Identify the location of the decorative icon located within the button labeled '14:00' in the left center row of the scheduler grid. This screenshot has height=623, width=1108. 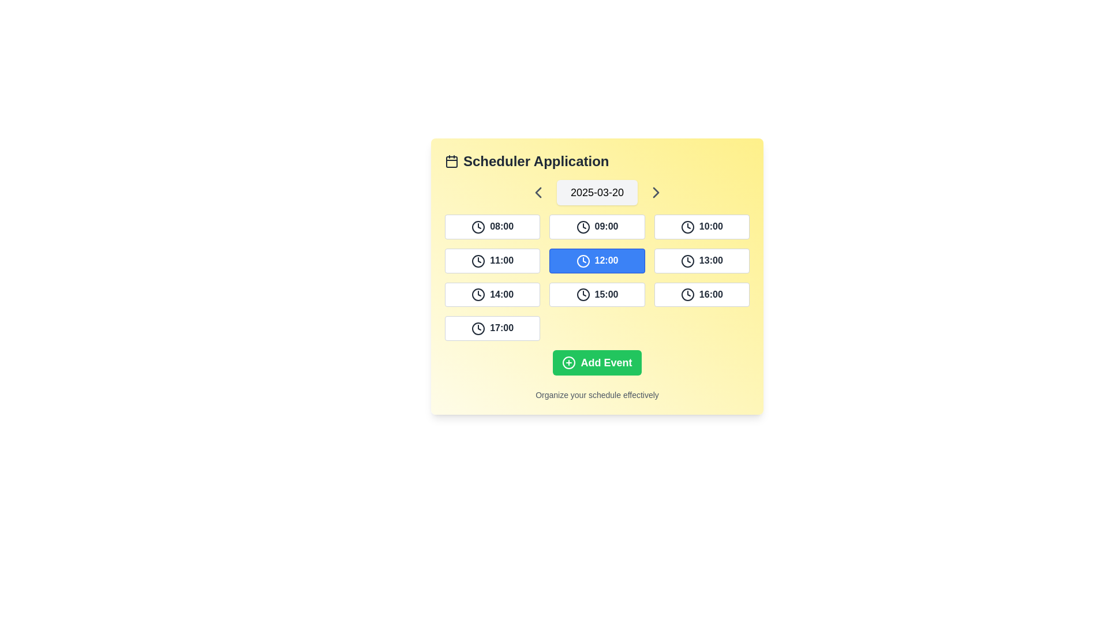
(478, 294).